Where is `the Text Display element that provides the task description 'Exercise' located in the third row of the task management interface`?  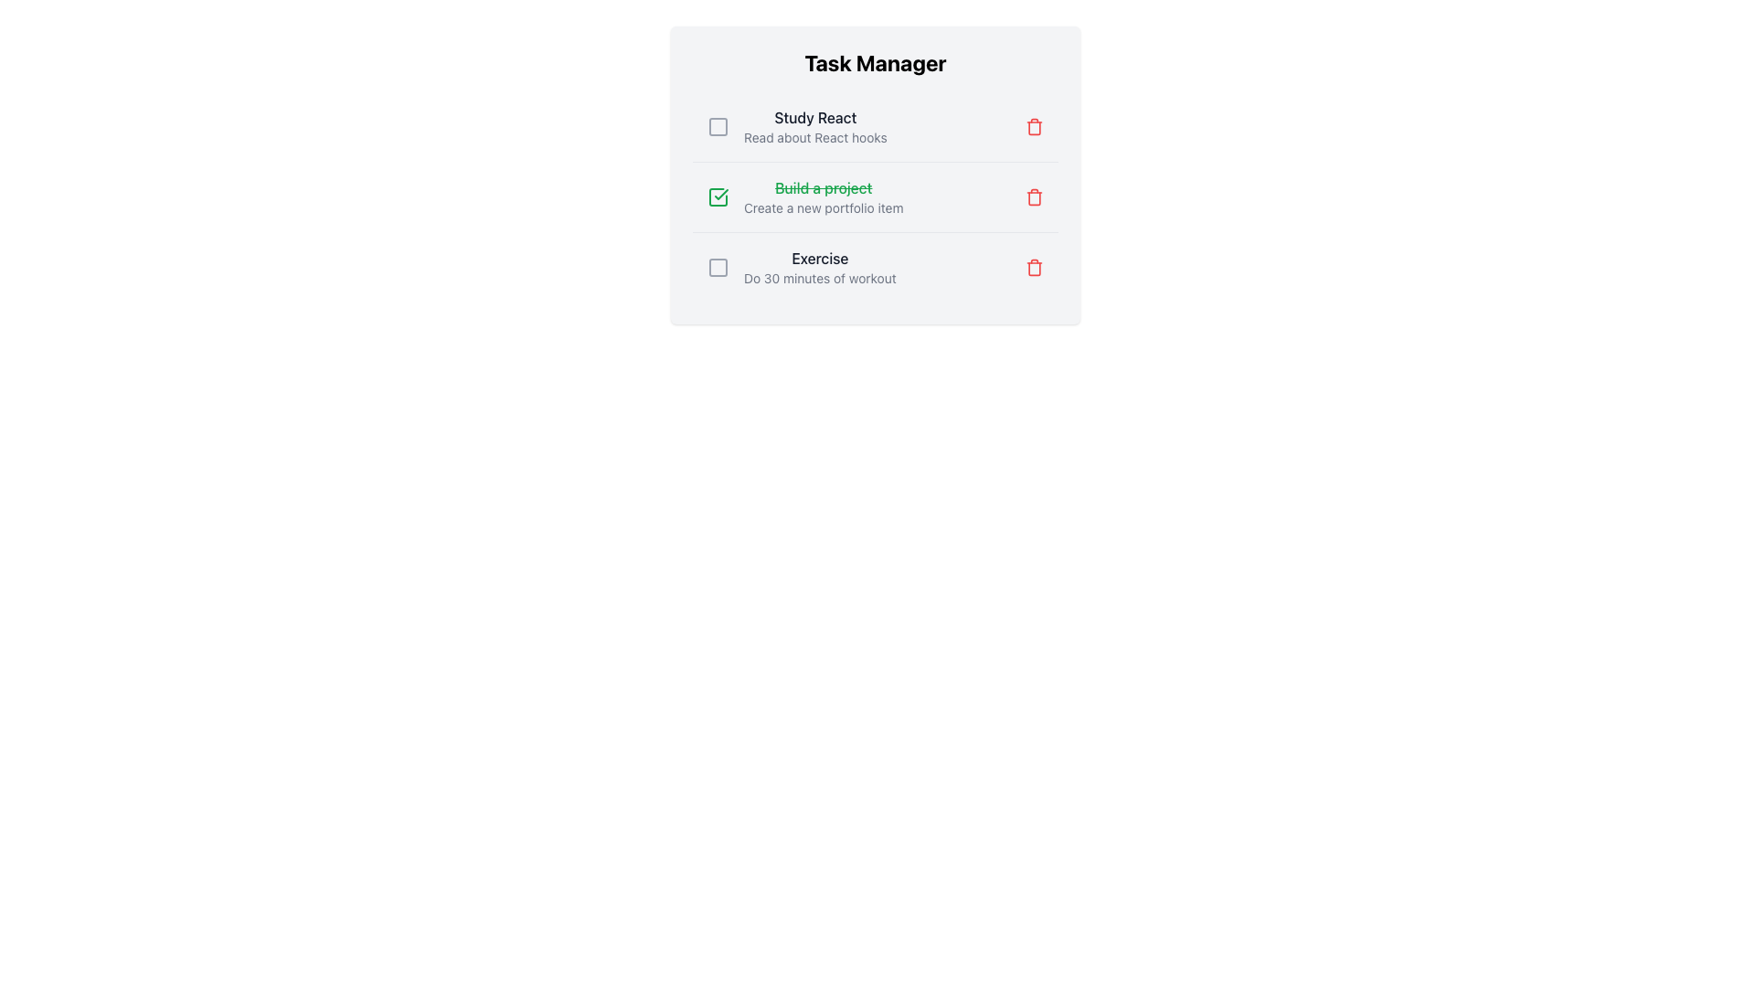 the Text Display element that provides the task description 'Exercise' located in the third row of the task management interface is located at coordinates (819, 268).